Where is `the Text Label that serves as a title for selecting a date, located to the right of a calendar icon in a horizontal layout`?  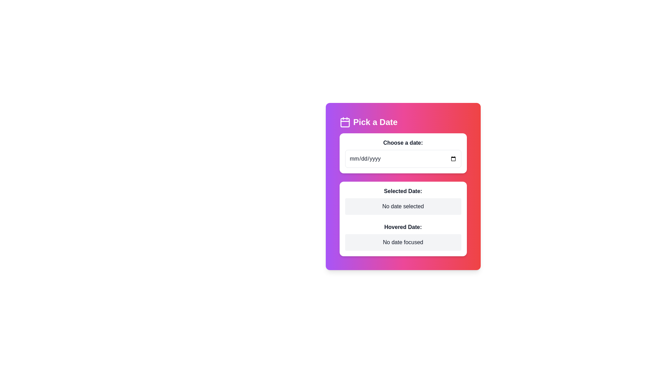 the Text Label that serves as a title for selecting a date, located to the right of a calendar icon in a horizontal layout is located at coordinates (375, 122).